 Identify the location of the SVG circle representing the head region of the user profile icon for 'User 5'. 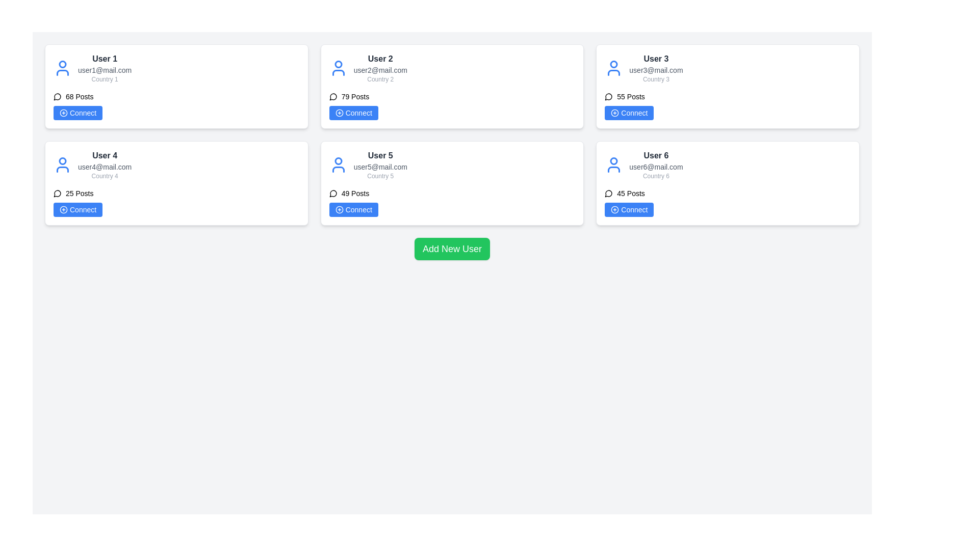
(338, 160).